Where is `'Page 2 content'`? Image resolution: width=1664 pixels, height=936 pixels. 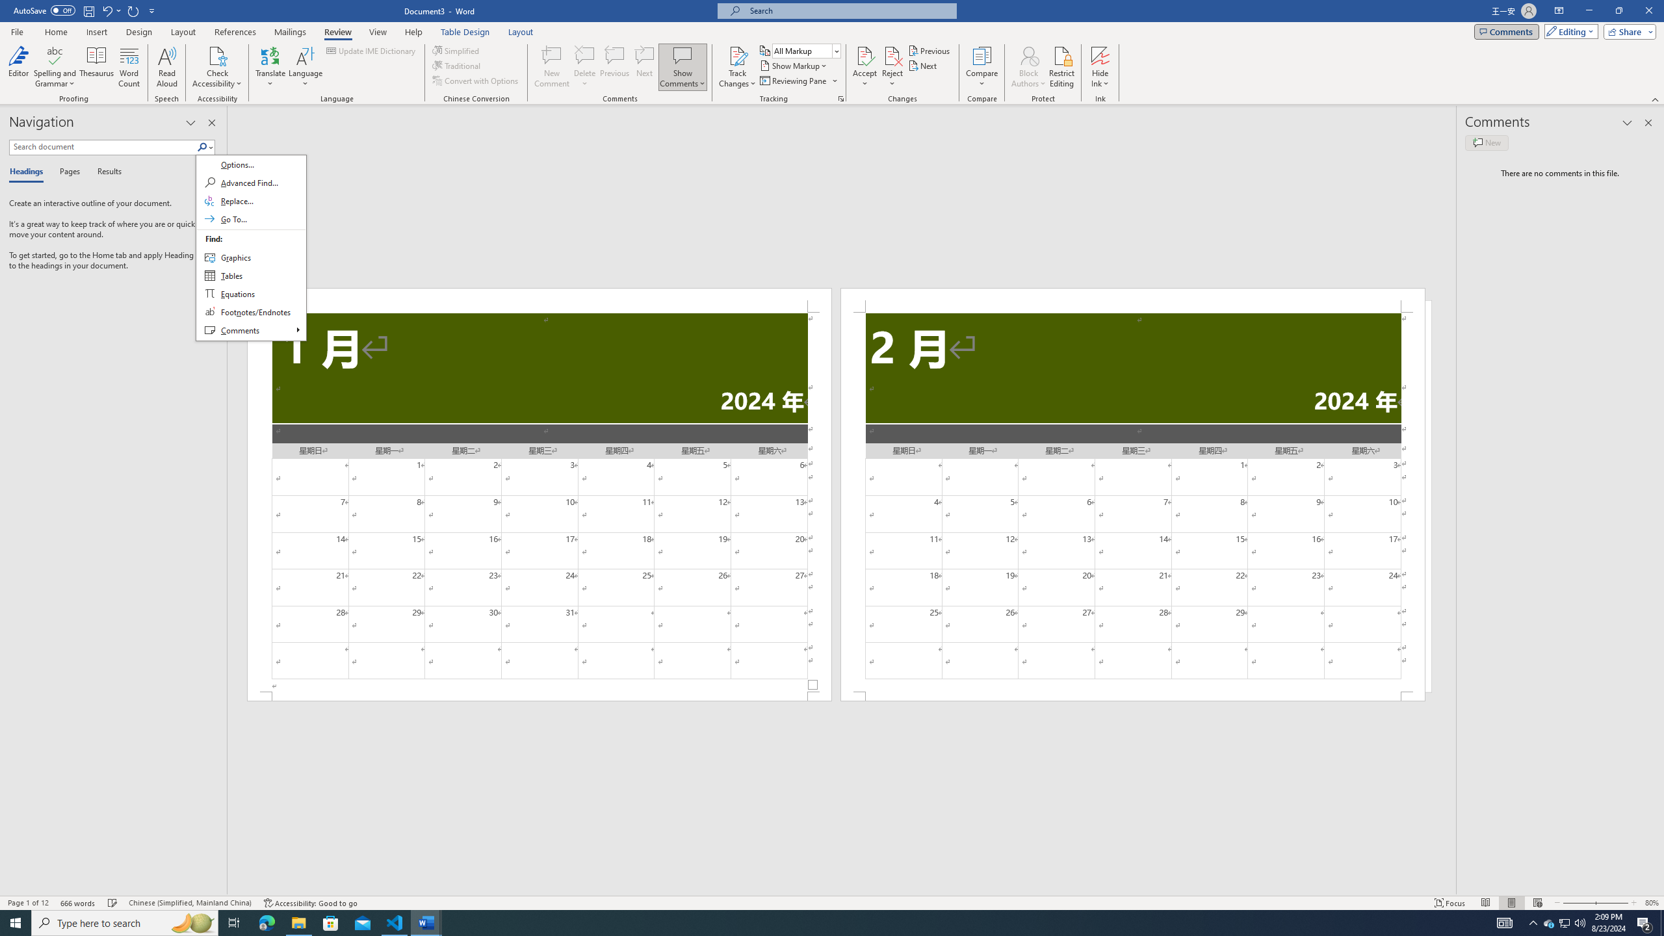
'Page 2 content' is located at coordinates (1132, 502).